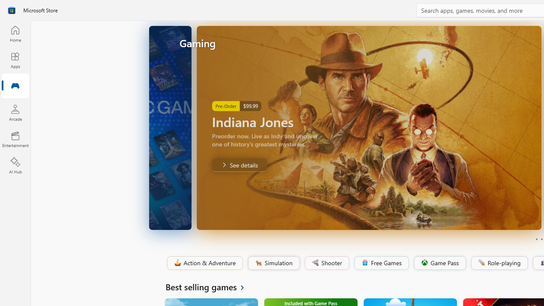 The height and width of the screenshot is (306, 544). What do you see at coordinates (499, 263) in the screenshot?
I see `'Role-playing'` at bounding box center [499, 263].